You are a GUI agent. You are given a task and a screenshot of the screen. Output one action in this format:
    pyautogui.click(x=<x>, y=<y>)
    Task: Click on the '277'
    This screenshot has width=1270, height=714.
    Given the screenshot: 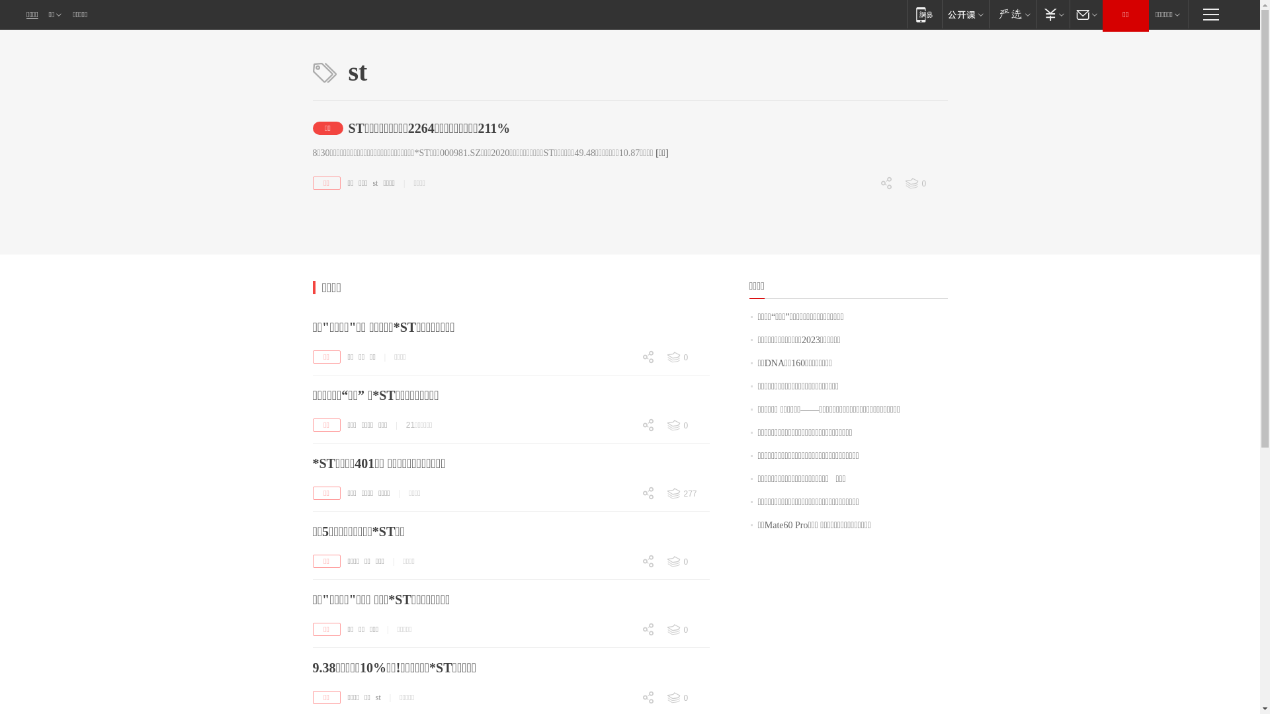 What is the action you would take?
    pyautogui.click(x=687, y=494)
    